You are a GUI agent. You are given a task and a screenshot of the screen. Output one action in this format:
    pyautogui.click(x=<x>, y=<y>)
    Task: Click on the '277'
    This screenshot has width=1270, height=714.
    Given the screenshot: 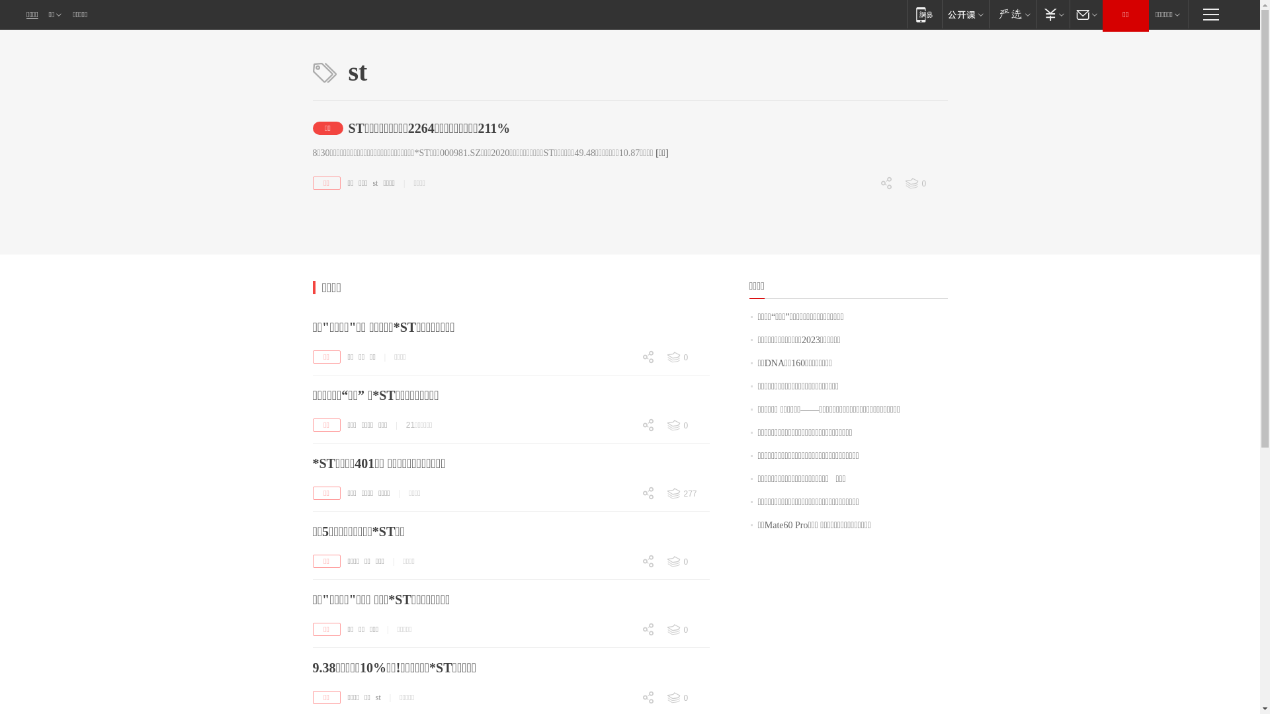 What is the action you would take?
    pyautogui.click(x=687, y=494)
    